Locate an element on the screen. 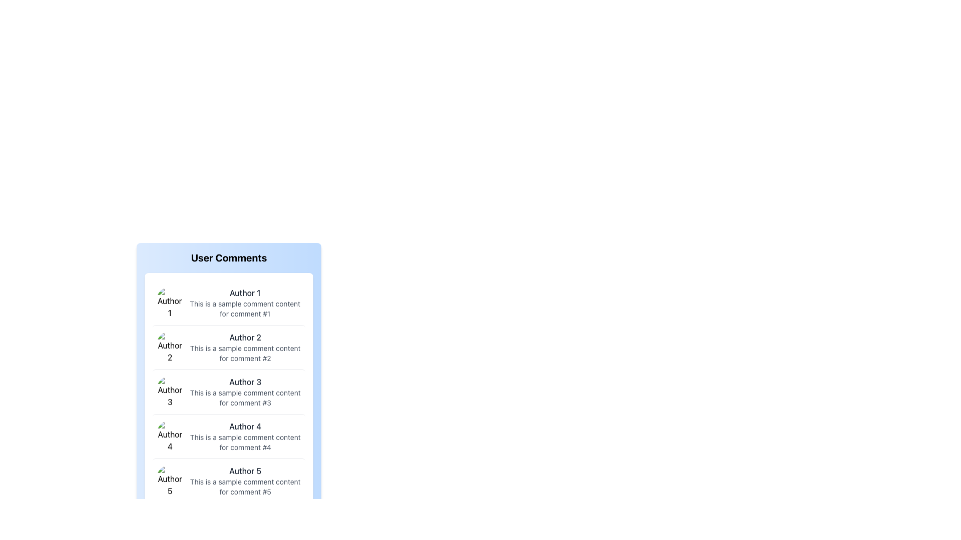 The height and width of the screenshot is (540, 961). the comment presented in the third text block of the vertically arranged comment list, located between 'Author 2' and 'Author 4' is located at coordinates (245, 391).